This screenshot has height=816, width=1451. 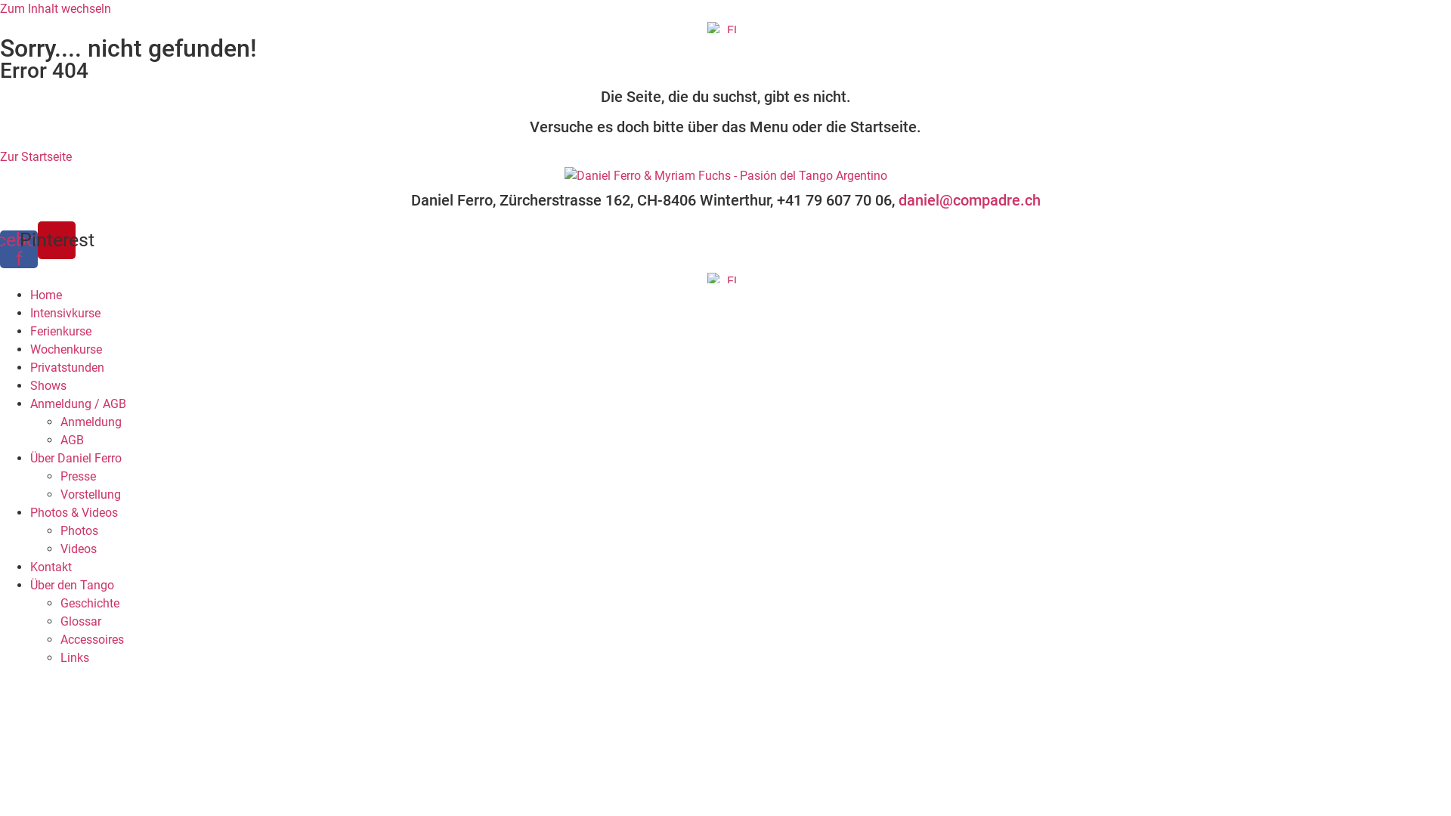 I want to click on 'Anmeldung / AGB', so click(x=77, y=403).